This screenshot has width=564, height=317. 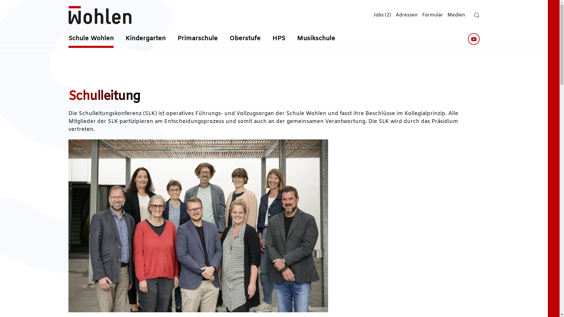 I want to click on 'Oberstufe', so click(x=245, y=39).